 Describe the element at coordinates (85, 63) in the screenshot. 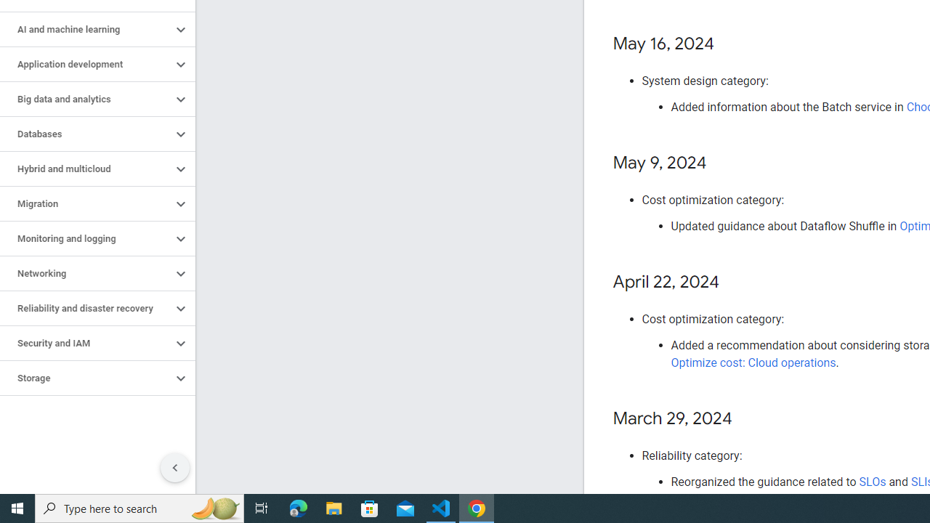

I see `'Application development'` at that location.